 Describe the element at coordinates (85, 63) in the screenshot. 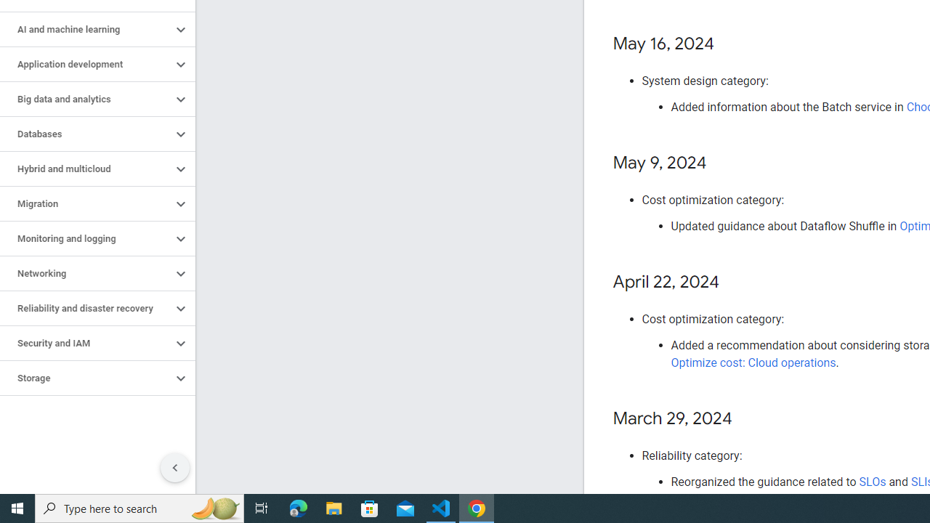

I see `'Application development'` at that location.